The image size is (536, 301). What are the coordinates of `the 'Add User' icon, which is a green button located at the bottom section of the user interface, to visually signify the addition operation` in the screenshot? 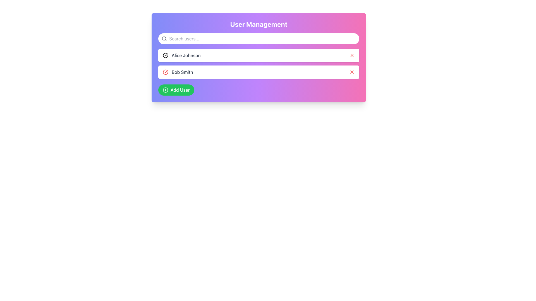 It's located at (165, 90).